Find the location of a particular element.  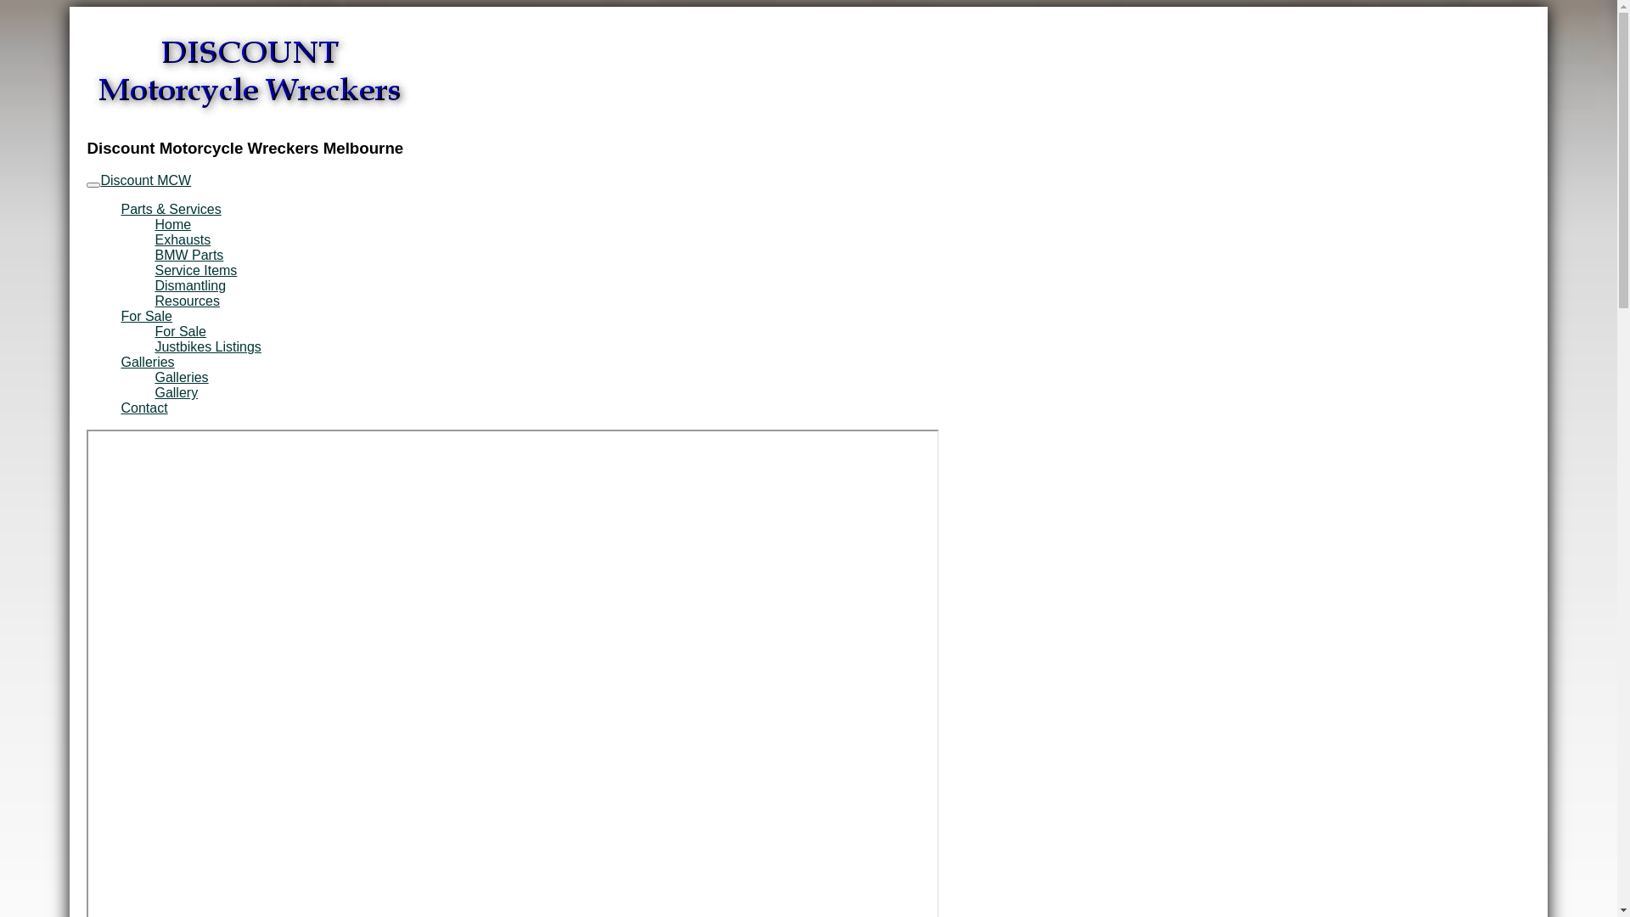

'Parts & Services' is located at coordinates (171, 208).